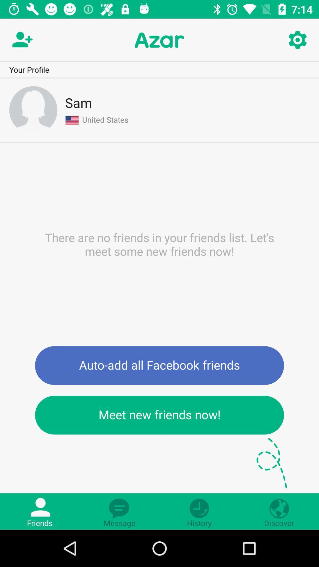  I want to click on the auto add all item, so click(159, 365).